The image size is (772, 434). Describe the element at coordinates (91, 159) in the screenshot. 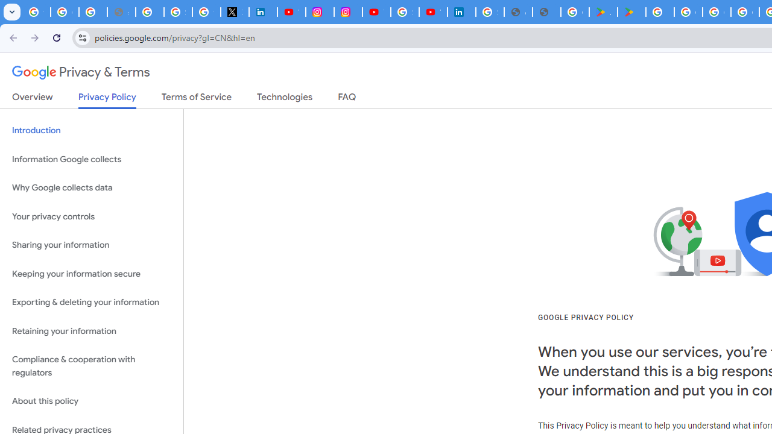

I see `'Information Google collects'` at that location.